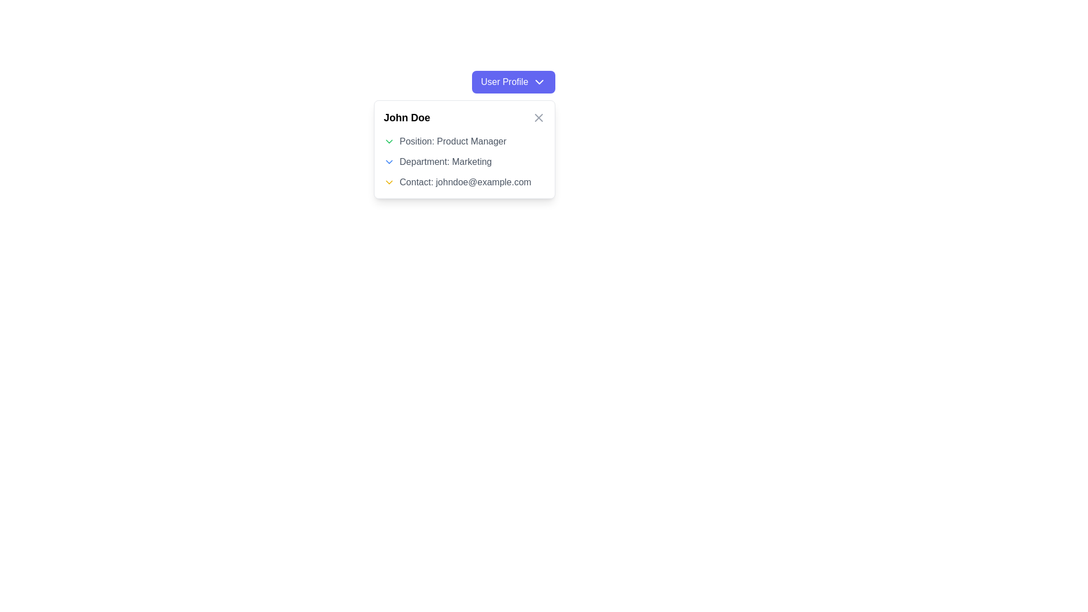  Describe the element at coordinates (538, 118) in the screenshot. I see `the 'X' icon button located at the top-right corner of the user information card` at that location.